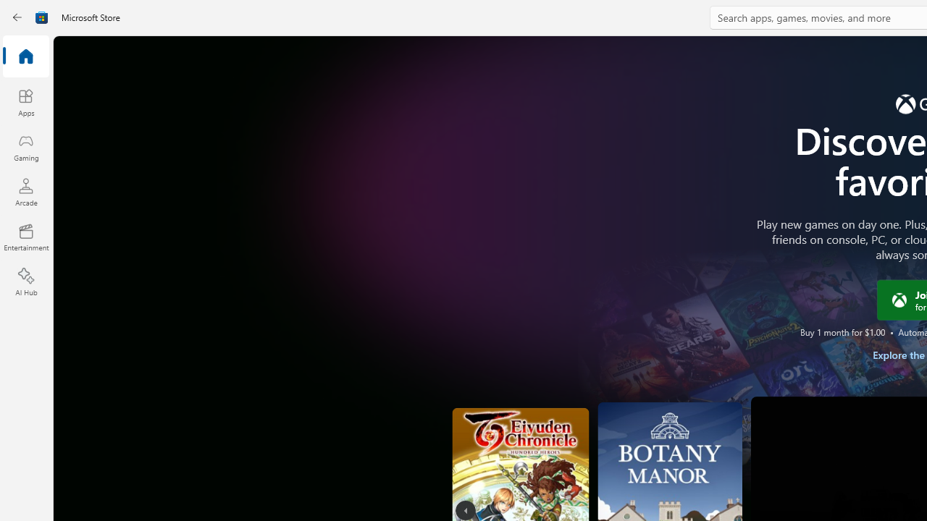 The image size is (927, 521). Describe the element at coordinates (25, 56) in the screenshot. I see `'Home'` at that location.